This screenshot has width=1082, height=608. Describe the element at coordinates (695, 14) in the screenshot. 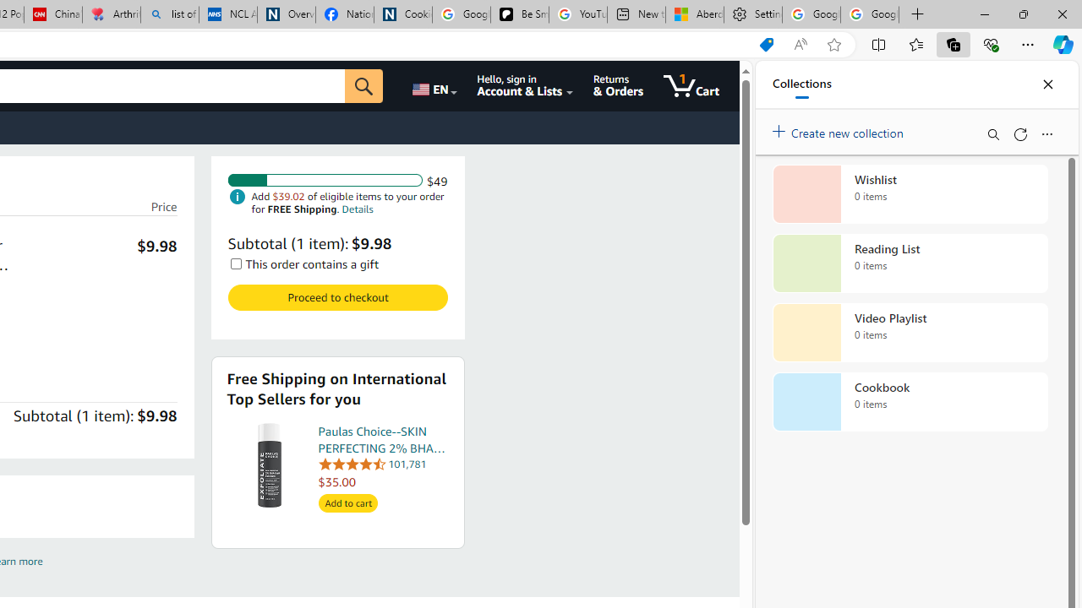

I see `'Aberdeen, Hong Kong SAR hourly forecast | Microsoft Weather'` at that location.